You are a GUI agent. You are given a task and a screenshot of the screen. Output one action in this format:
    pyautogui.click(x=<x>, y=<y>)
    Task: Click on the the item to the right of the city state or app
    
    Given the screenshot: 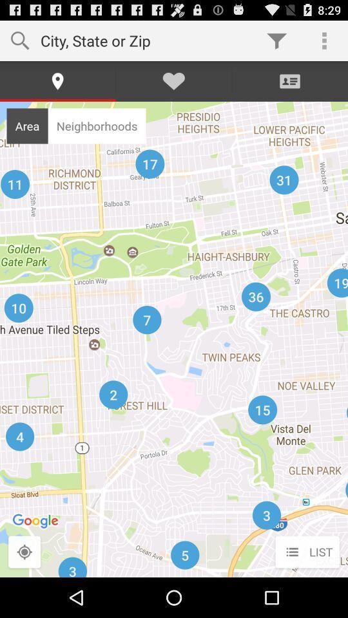 What is the action you would take?
    pyautogui.click(x=276, y=40)
    